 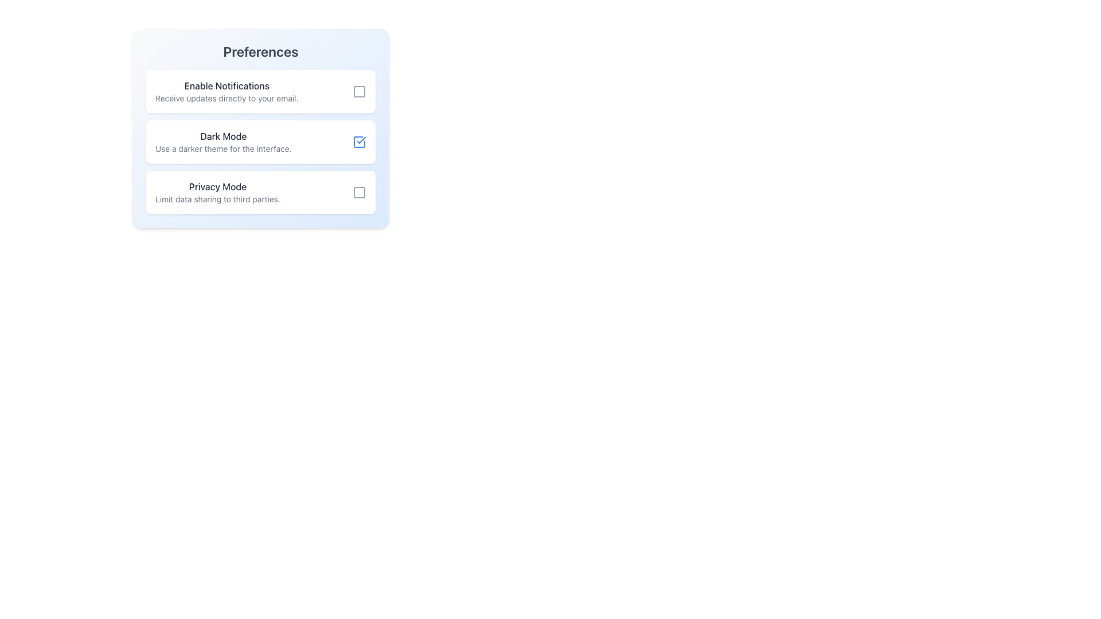 What do you see at coordinates (359, 141) in the screenshot?
I see `the checkbox with a blue border and a blue check mark, located to the right of the 'Dark Mode' text` at bounding box center [359, 141].